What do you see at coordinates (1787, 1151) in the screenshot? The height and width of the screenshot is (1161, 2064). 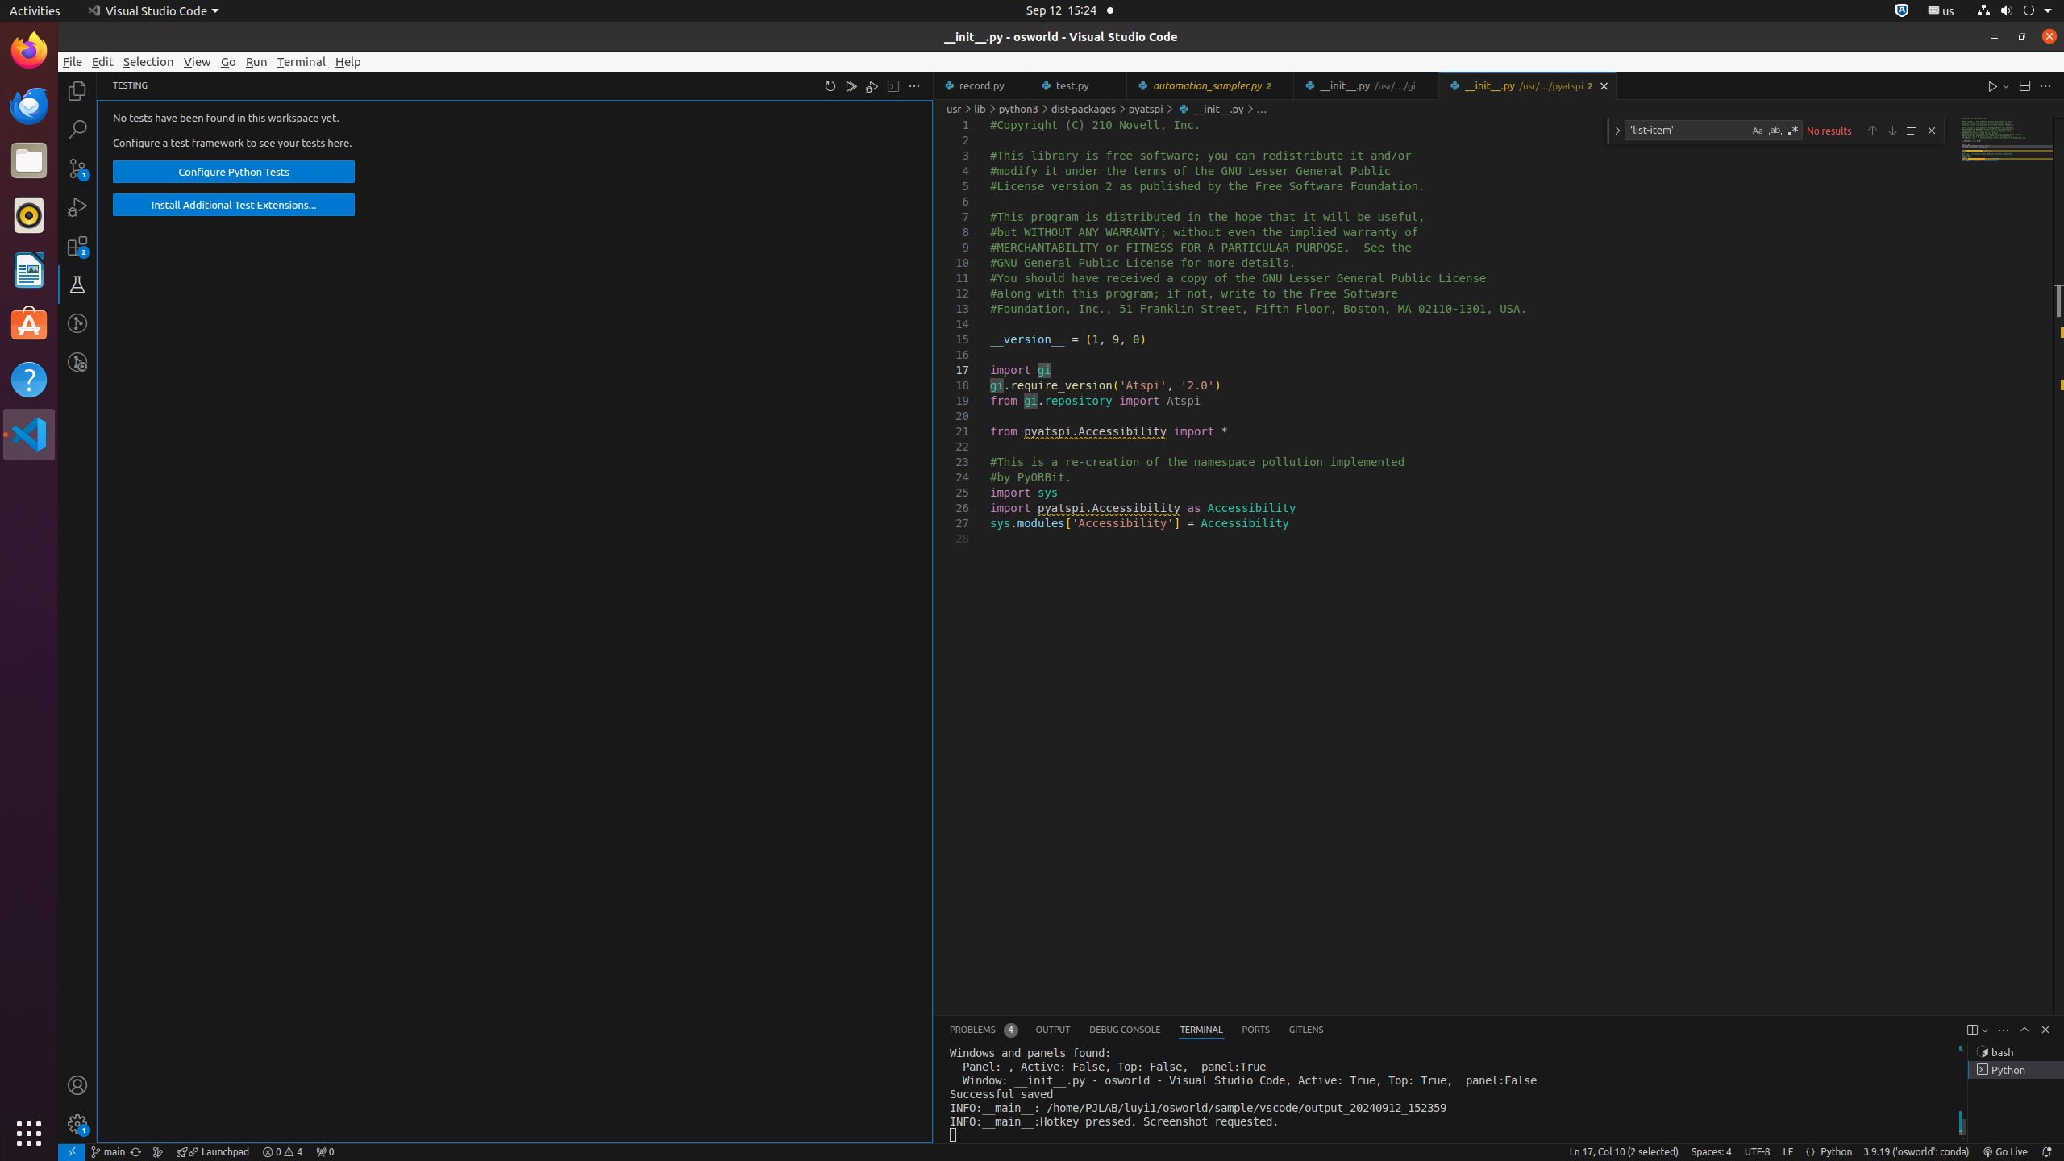 I see `'LF'` at bounding box center [1787, 1151].